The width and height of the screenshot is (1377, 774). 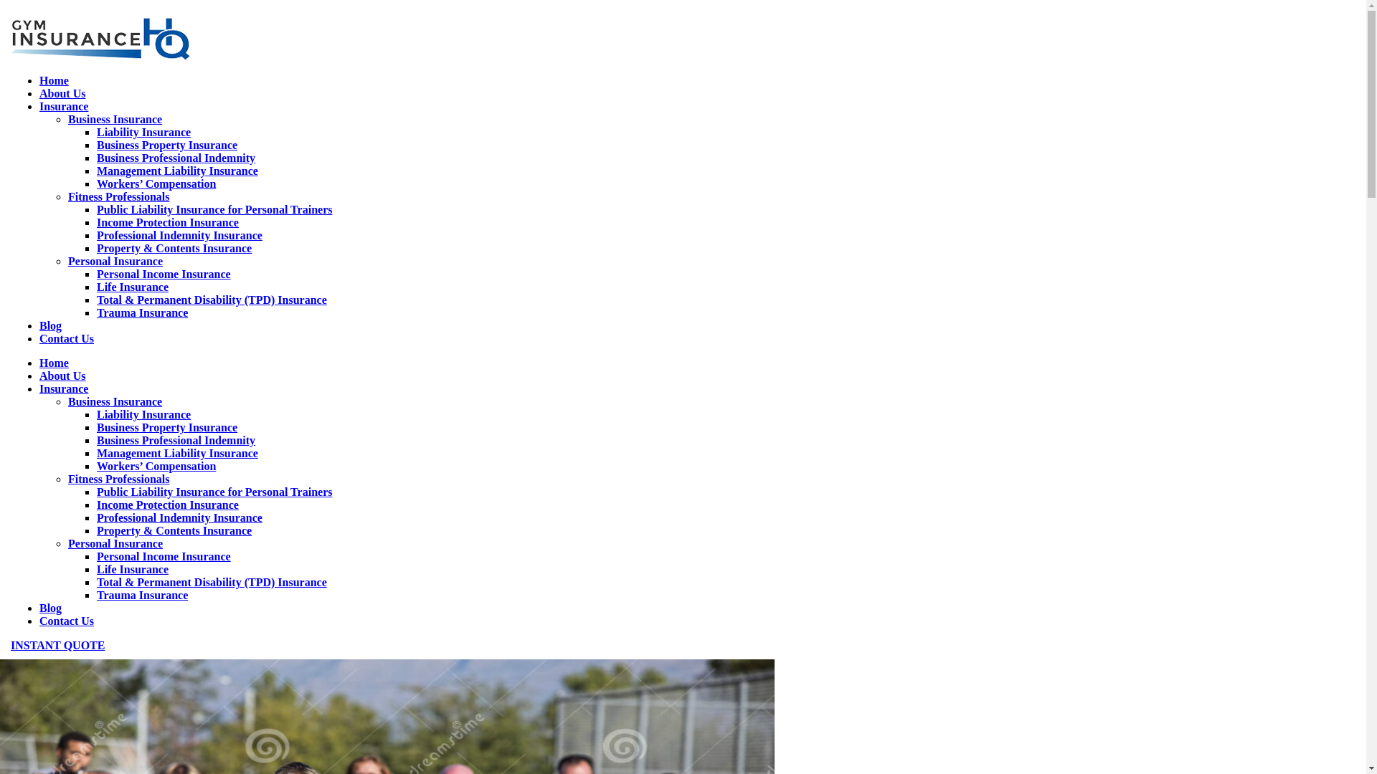 What do you see at coordinates (50, 325) in the screenshot?
I see `'Blog'` at bounding box center [50, 325].